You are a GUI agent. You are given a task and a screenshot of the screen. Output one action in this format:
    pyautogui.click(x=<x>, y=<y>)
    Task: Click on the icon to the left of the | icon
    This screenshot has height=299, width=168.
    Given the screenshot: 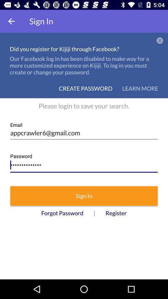 What is the action you would take?
    pyautogui.click(x=62, y=213)
    